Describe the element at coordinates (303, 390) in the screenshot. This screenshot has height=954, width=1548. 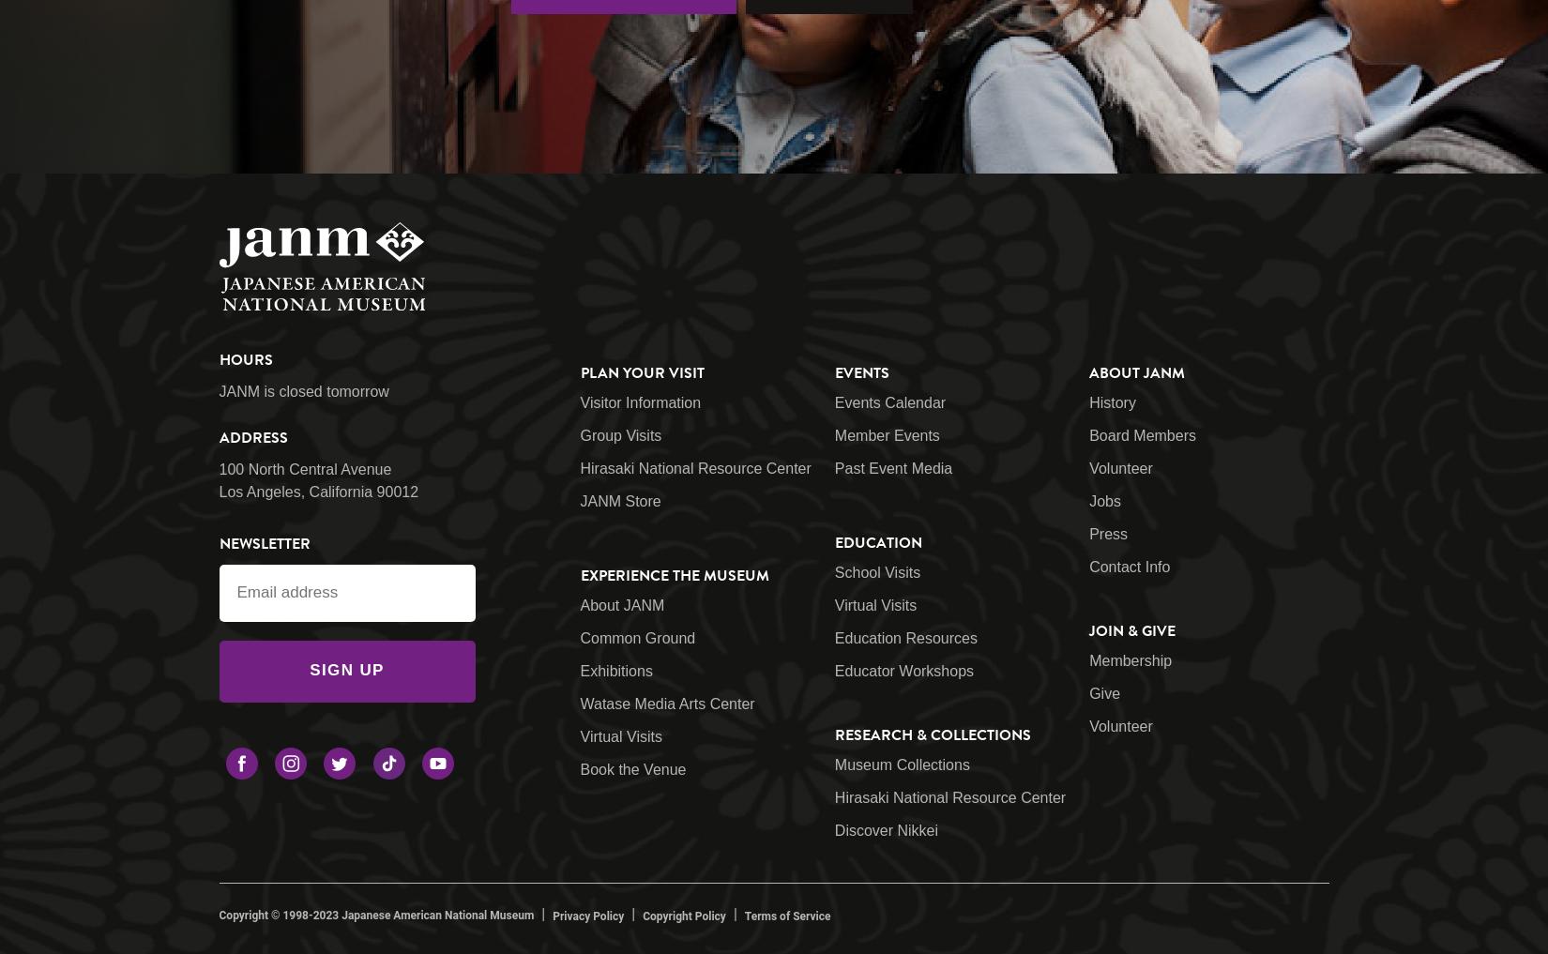
I see `'JANM is closed tomorrow'` at that location.